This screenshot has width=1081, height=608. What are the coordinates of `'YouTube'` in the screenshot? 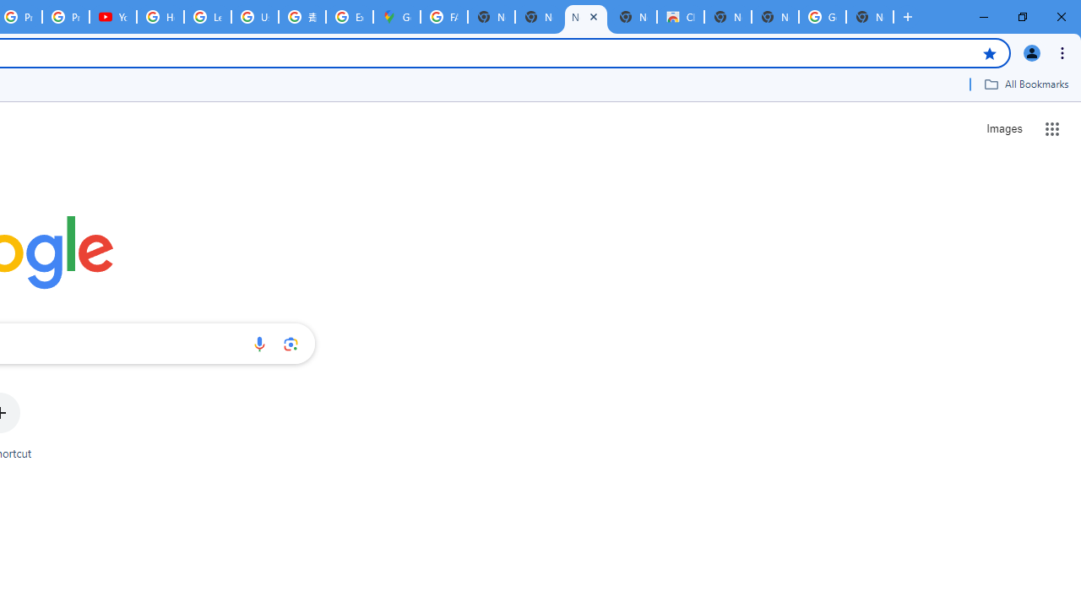 It's located at (112, 17).